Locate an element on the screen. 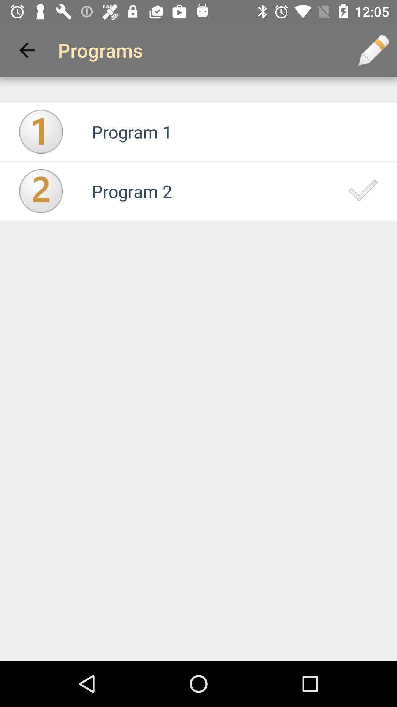 This screenshot has width=397, height=707. the icon next to the programs icon is located at coordinates (374, 50).